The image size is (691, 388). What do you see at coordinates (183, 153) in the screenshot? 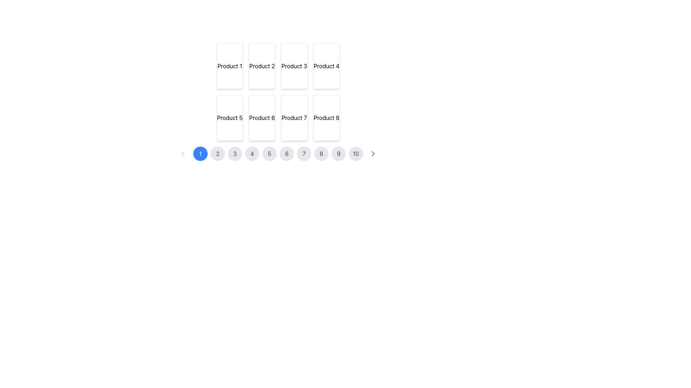
I see `the disabled previous button in the pagination control bar located at the bottom of the interface, preceding the '1' button` at bounding box center [183, 153].